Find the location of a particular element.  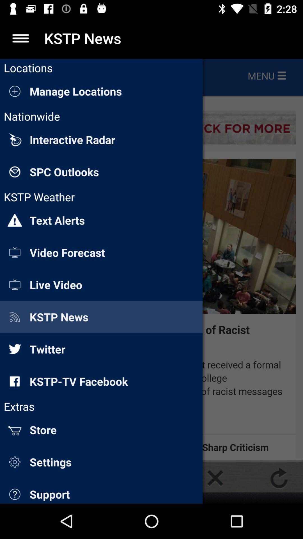

the close icon is located at coordinates (215, 478).